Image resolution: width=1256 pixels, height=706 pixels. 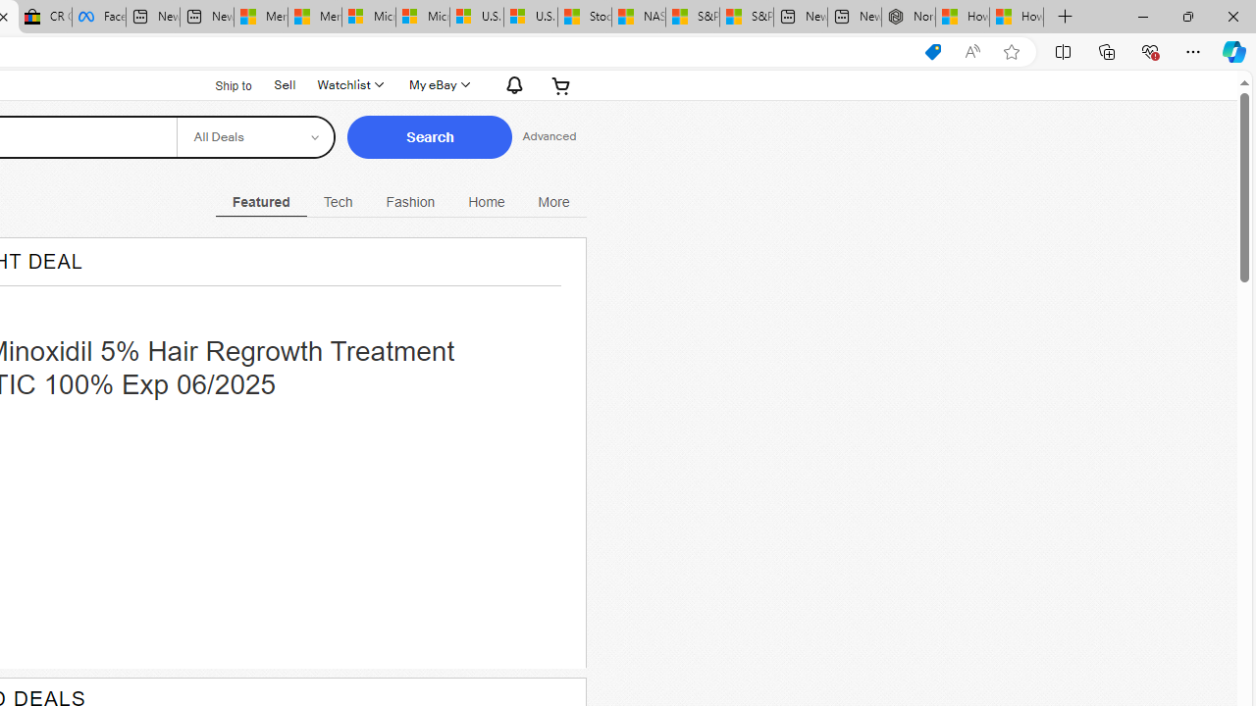 What do you see at coordinates (1017, 17) in the screenshot?
I see `'How to Use a Monitor With Your Closed Laptop'` at bounding box center [1017, 17].